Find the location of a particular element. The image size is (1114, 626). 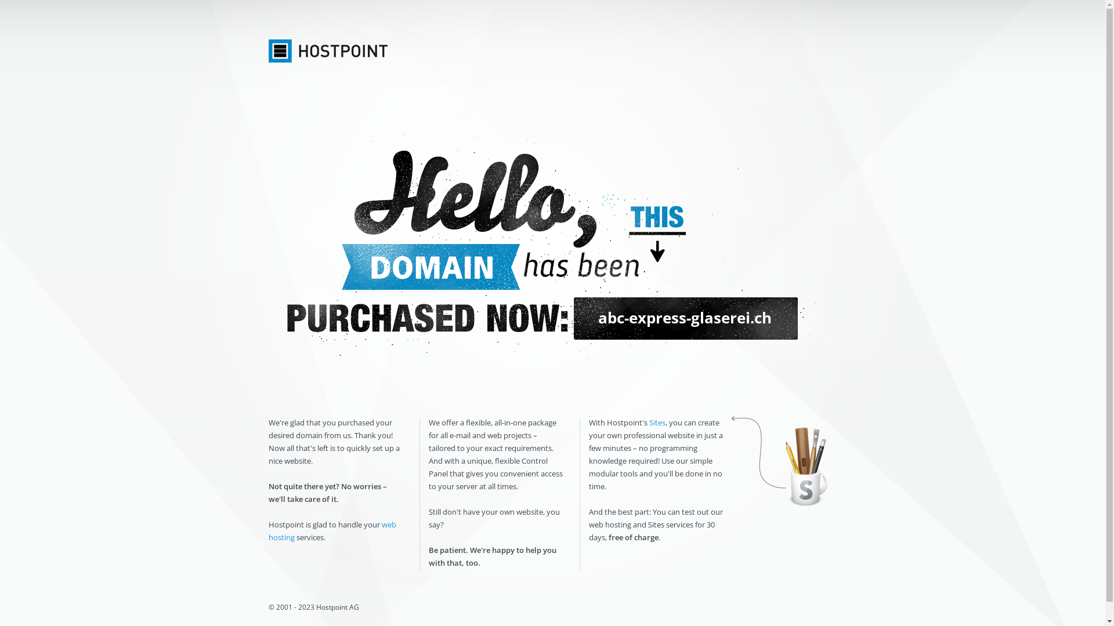

'web hosting' is located at coordinates (331, 530).